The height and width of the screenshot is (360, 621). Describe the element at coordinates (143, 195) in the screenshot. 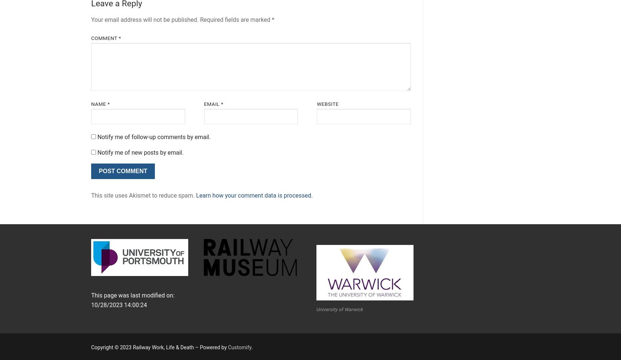

I see `'This site uses Akismet to reduce spam.'` at that location.